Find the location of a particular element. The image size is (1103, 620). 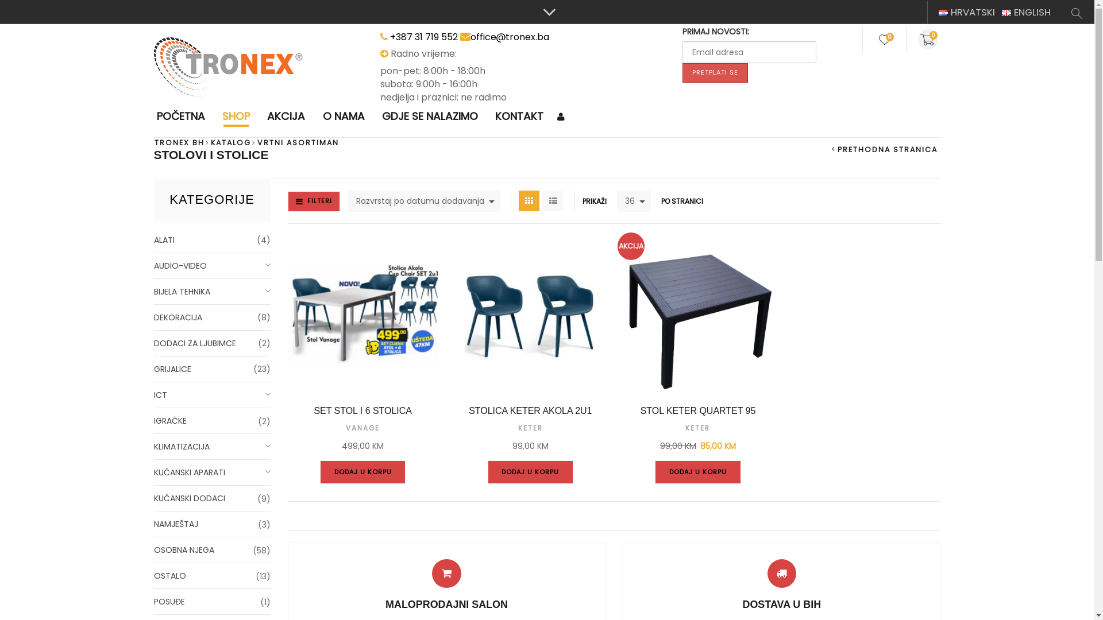

'Pretplati se' is located at coordinates (714, 73).